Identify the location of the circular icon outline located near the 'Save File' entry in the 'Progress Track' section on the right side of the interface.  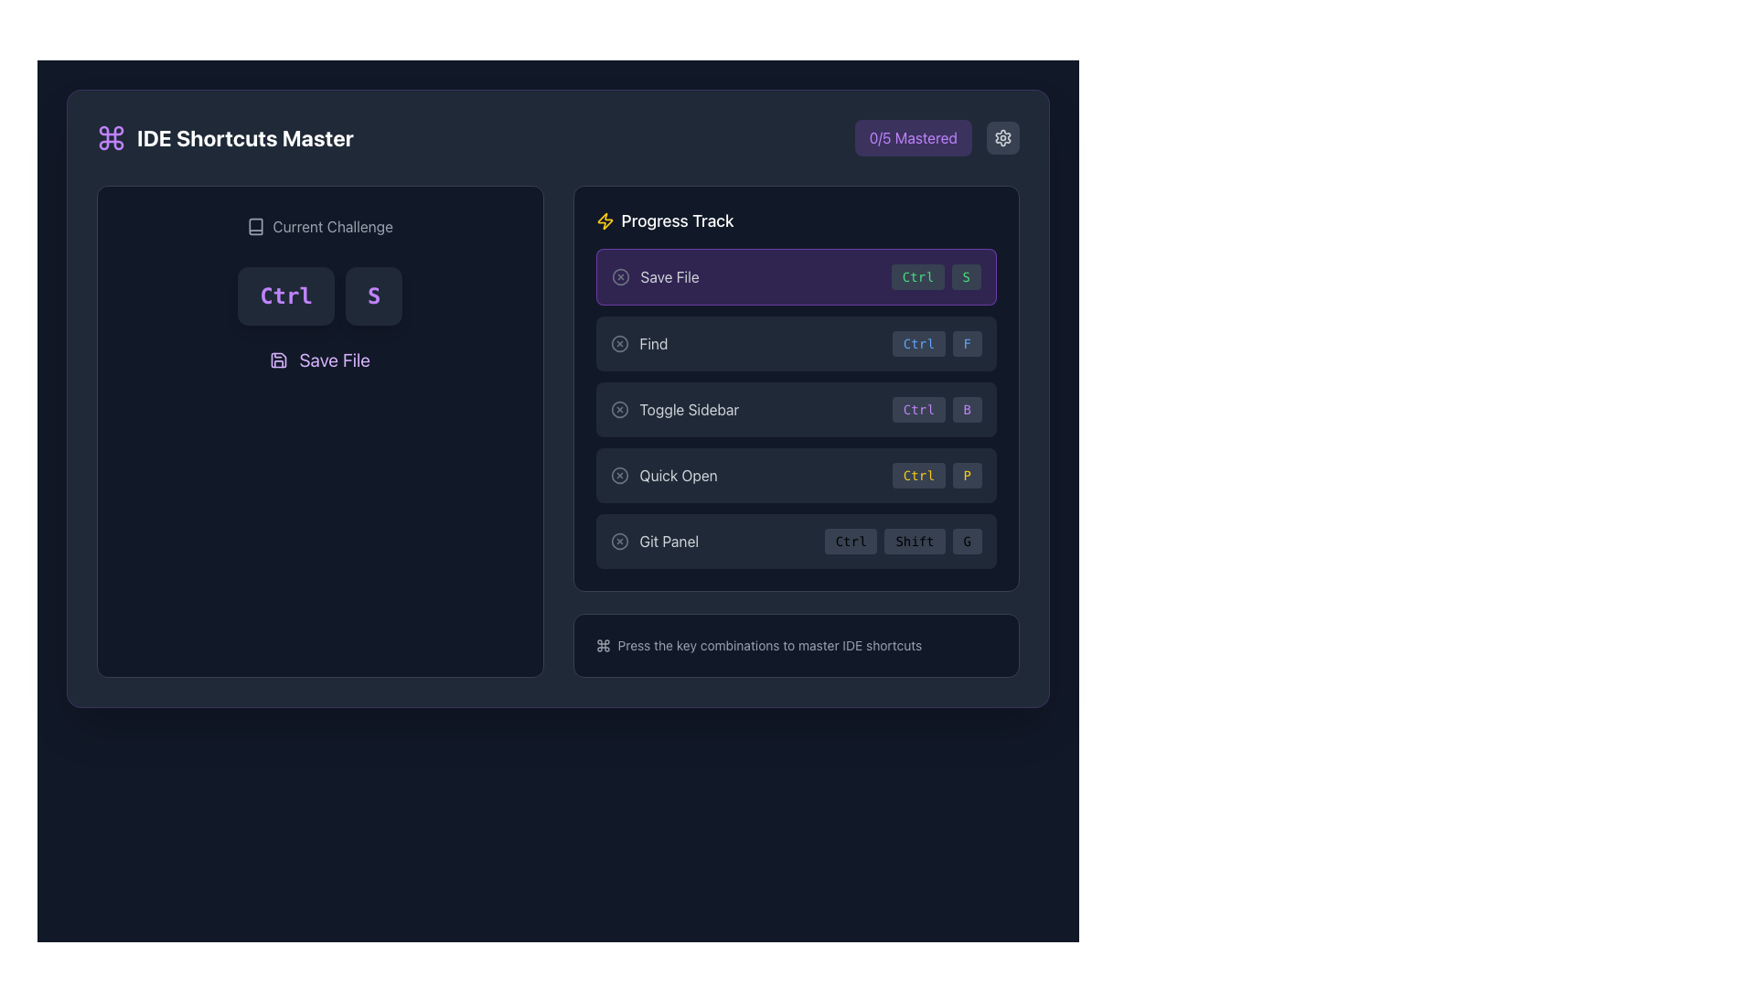
(620, 277).